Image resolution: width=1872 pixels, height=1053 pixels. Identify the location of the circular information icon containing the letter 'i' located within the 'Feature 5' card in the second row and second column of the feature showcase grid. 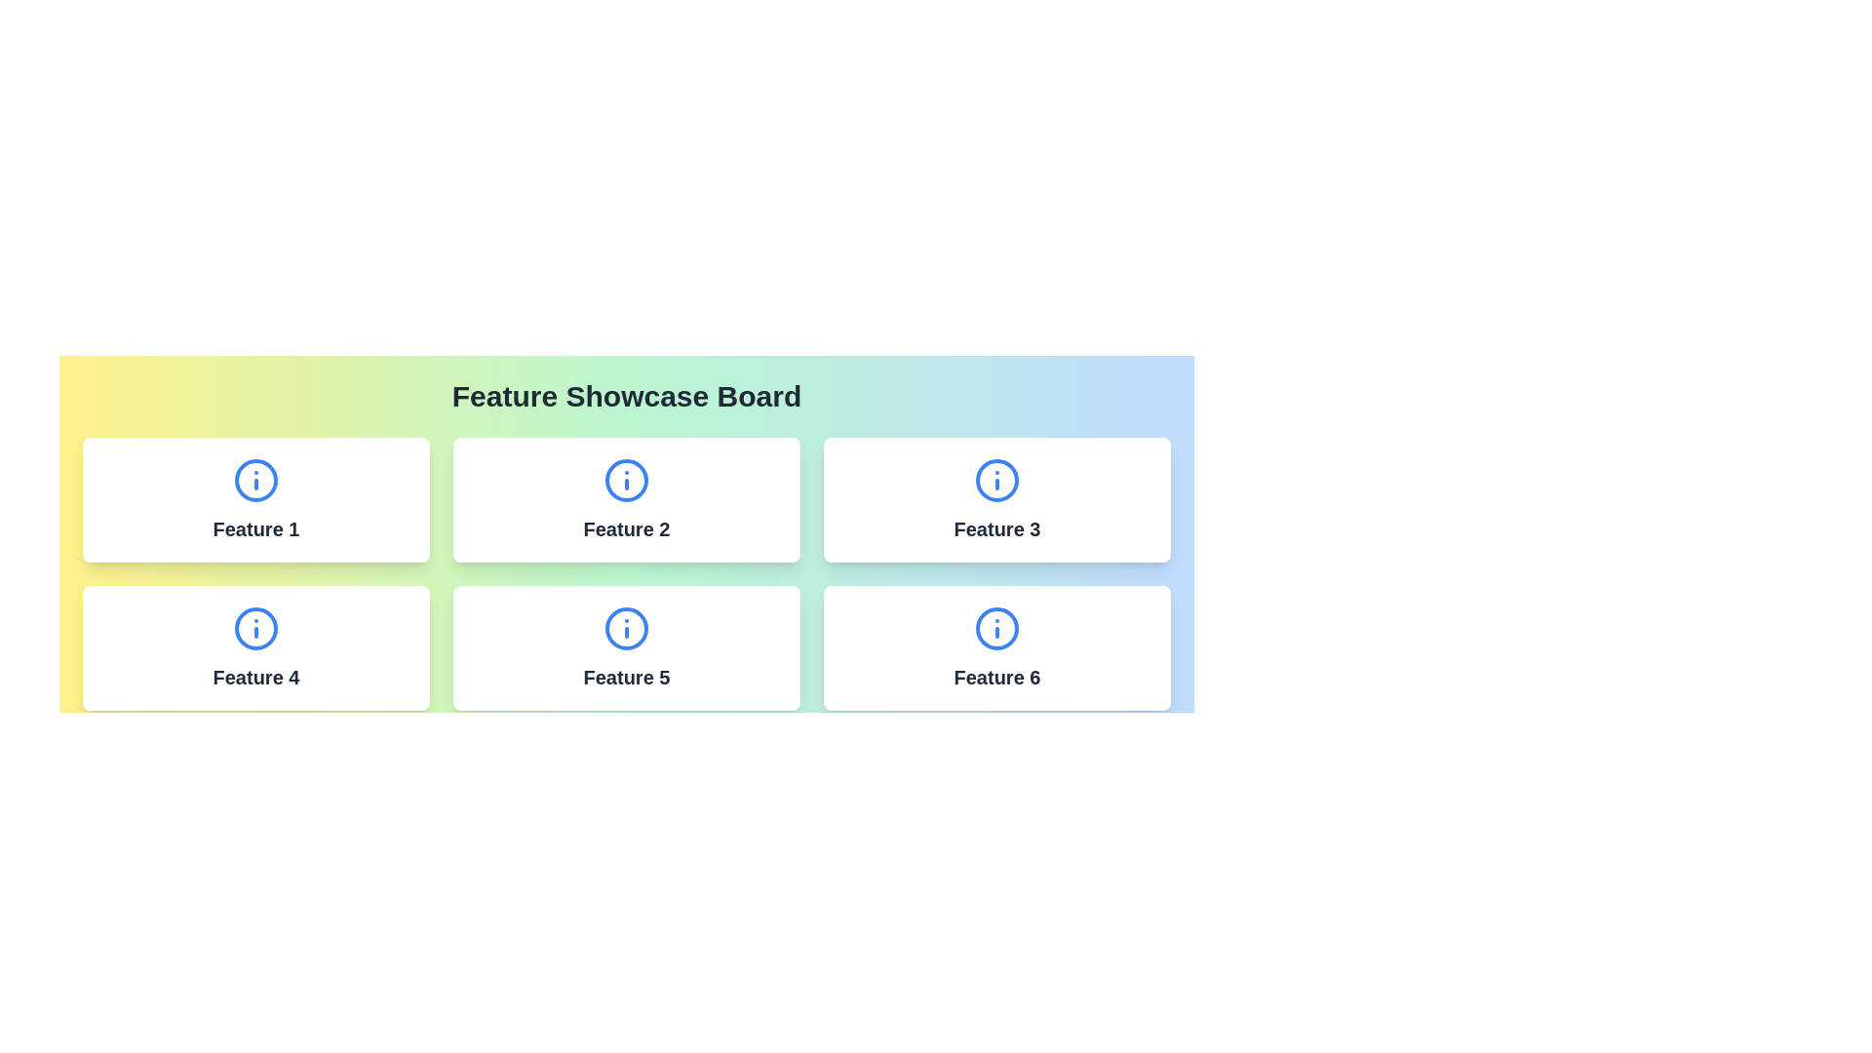
(627, 628).